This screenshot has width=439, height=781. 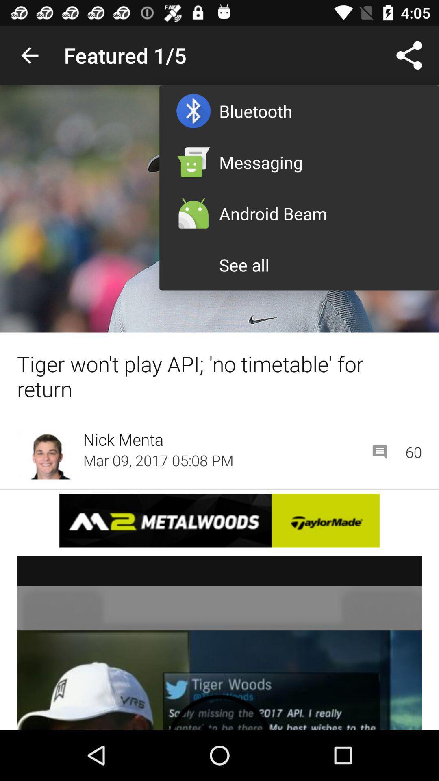 What do you see at coordinates (219, 642) in the screenshot?
I see `the option` at bounding box center [219, 642].